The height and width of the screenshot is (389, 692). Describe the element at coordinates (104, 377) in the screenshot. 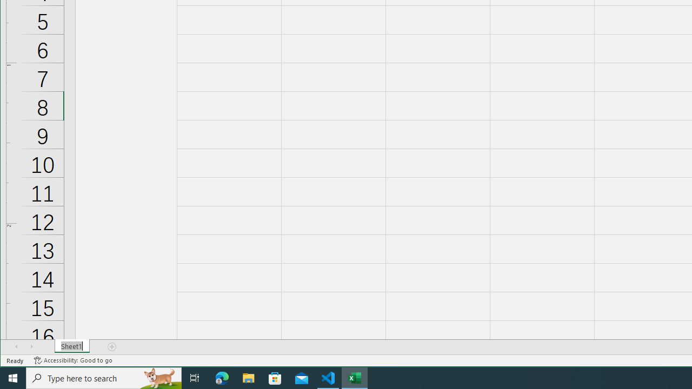

I see `'Type here to search'` at that location.